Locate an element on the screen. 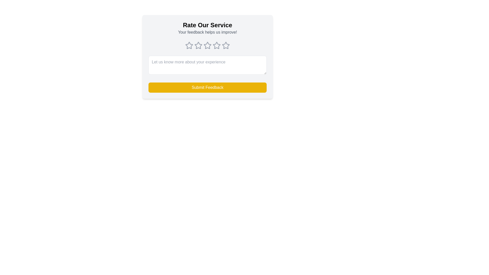  the last star-shaped rating icon in the five-star rating system to rate it, located beneath the text 'Rate Our Service' is located at coordinates (226, 45).